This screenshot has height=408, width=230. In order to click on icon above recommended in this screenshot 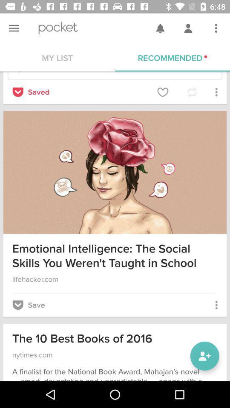, I will do `click(216, 28)`.